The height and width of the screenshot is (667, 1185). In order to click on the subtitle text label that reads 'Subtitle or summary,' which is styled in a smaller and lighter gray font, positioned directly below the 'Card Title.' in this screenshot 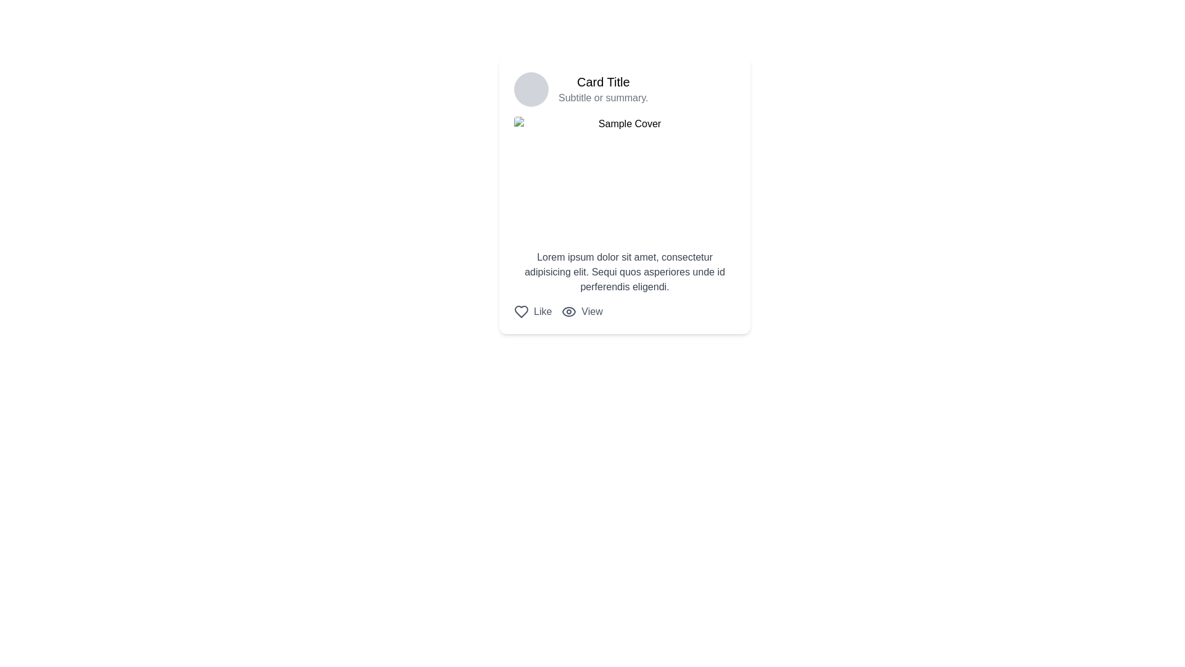, I will do `click(603, 97)`.